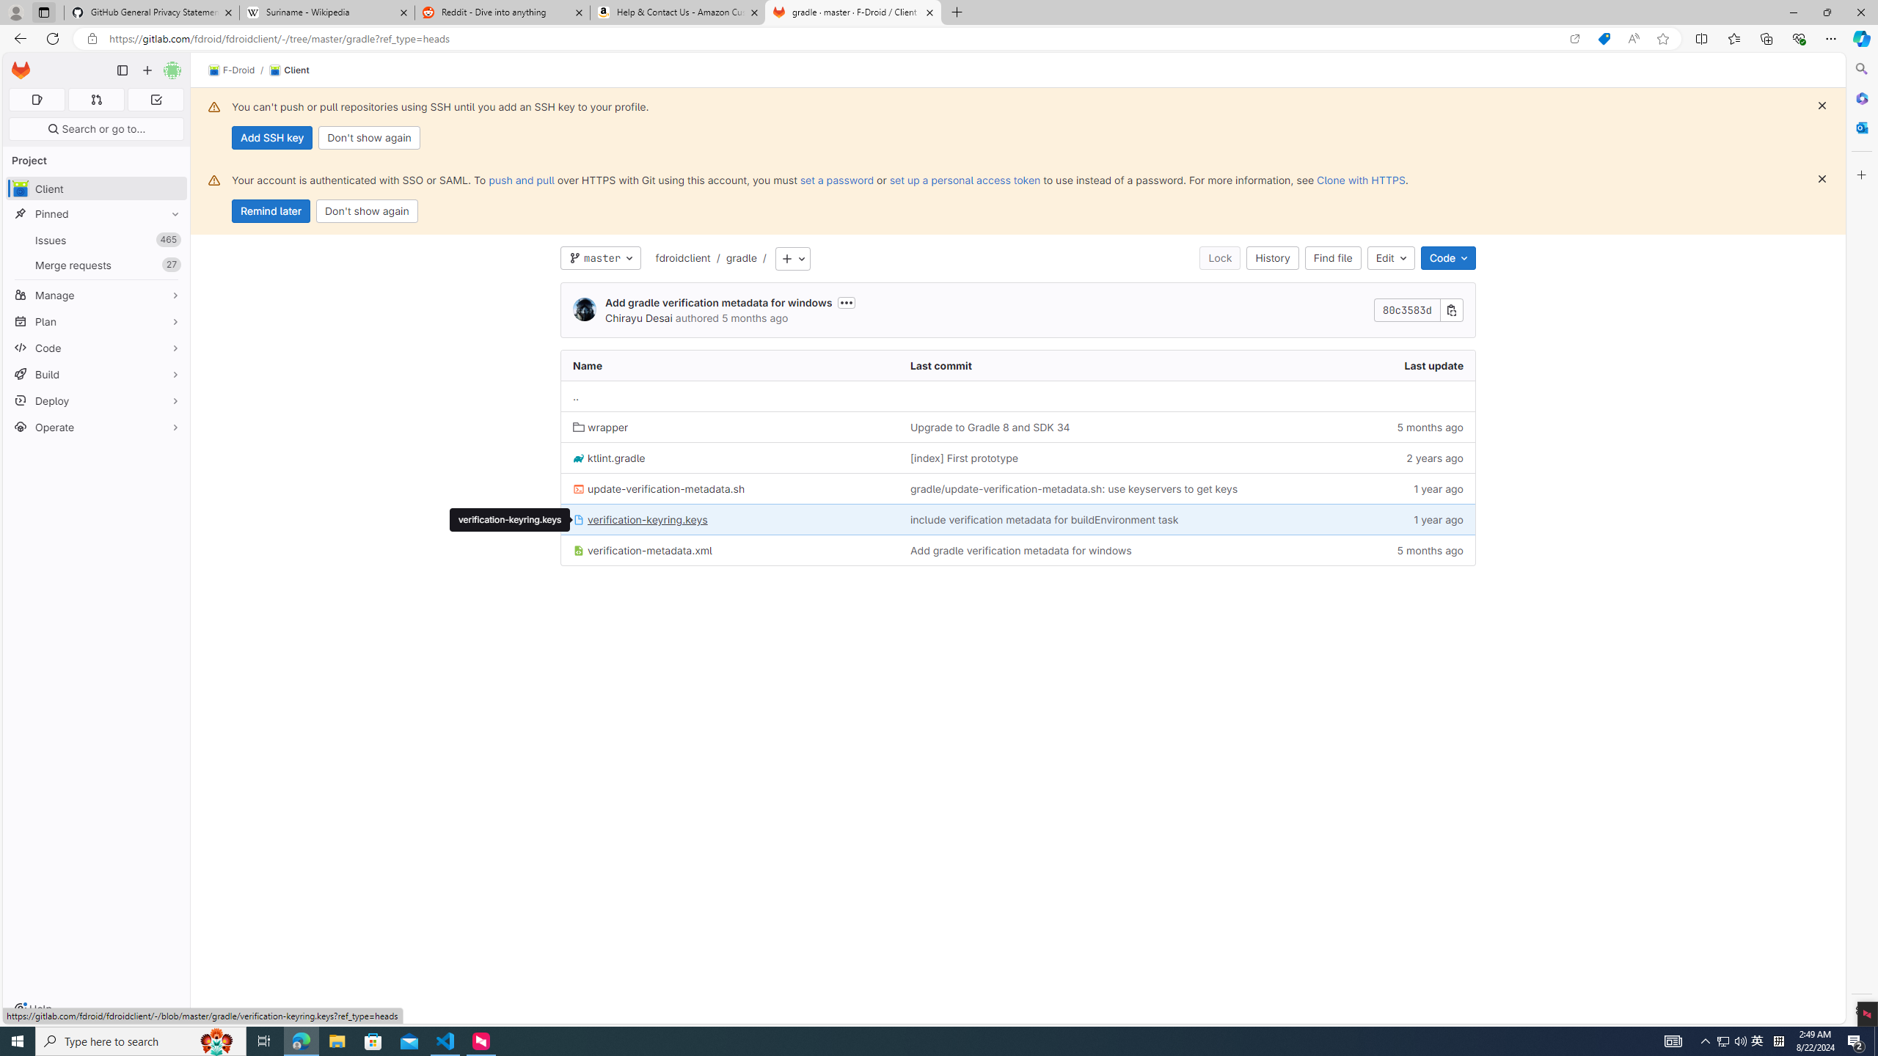 This screenshot has height=1056, width=1878. I want to click on 'To-Do list 0', so click(155, 99).